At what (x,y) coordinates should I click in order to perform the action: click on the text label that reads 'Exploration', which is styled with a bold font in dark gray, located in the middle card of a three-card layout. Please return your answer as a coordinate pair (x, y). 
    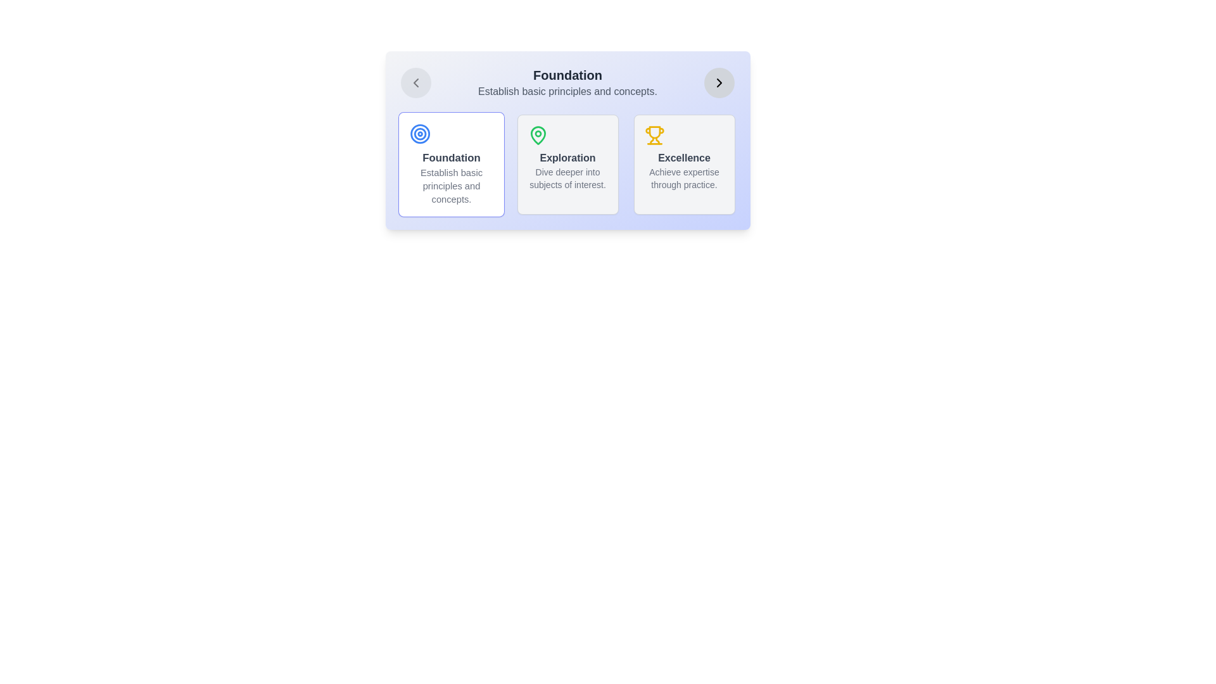
    Looking at the image, I should click on (567, 158).